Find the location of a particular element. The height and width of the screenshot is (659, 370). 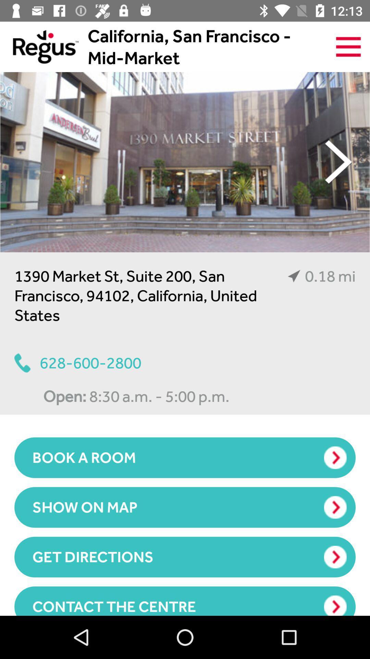

next image is located at coordinates (338, 162).